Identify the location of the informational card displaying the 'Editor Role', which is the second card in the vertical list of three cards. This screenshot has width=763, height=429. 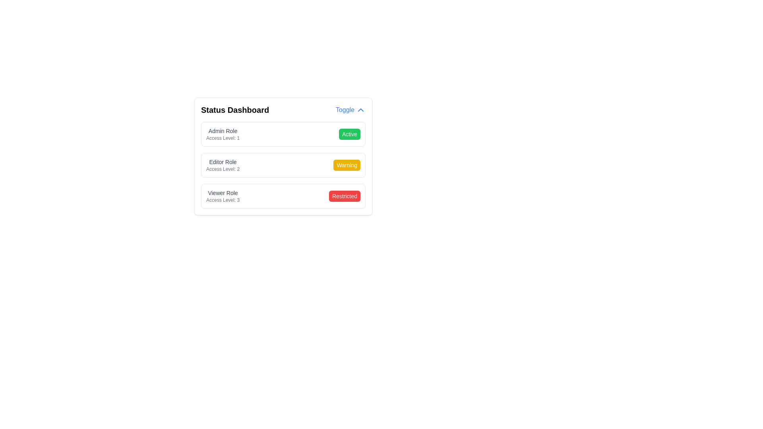
(283, 156).